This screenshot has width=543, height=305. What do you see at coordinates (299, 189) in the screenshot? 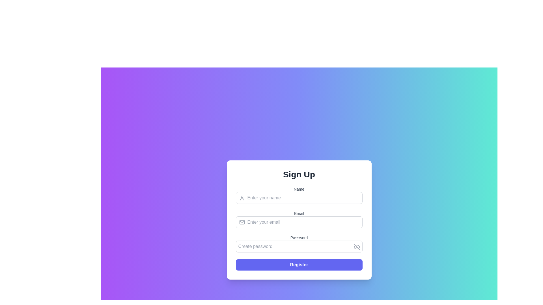
I see `the 'Name' text label in the user registration form, which is styled in a smaller font and gray color, located directly above the name input field` at bounding box center [299, 189].